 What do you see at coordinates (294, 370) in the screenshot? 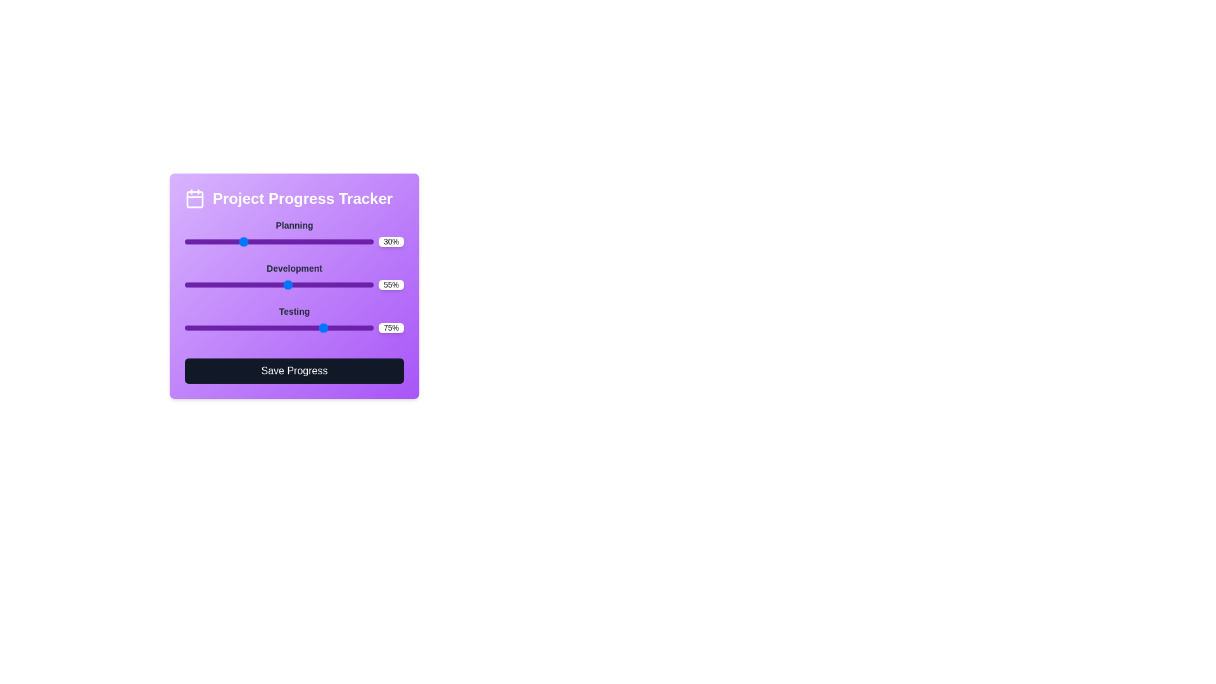
I see `'Save Progress' button to save changes` at bounding box center [294, 370].